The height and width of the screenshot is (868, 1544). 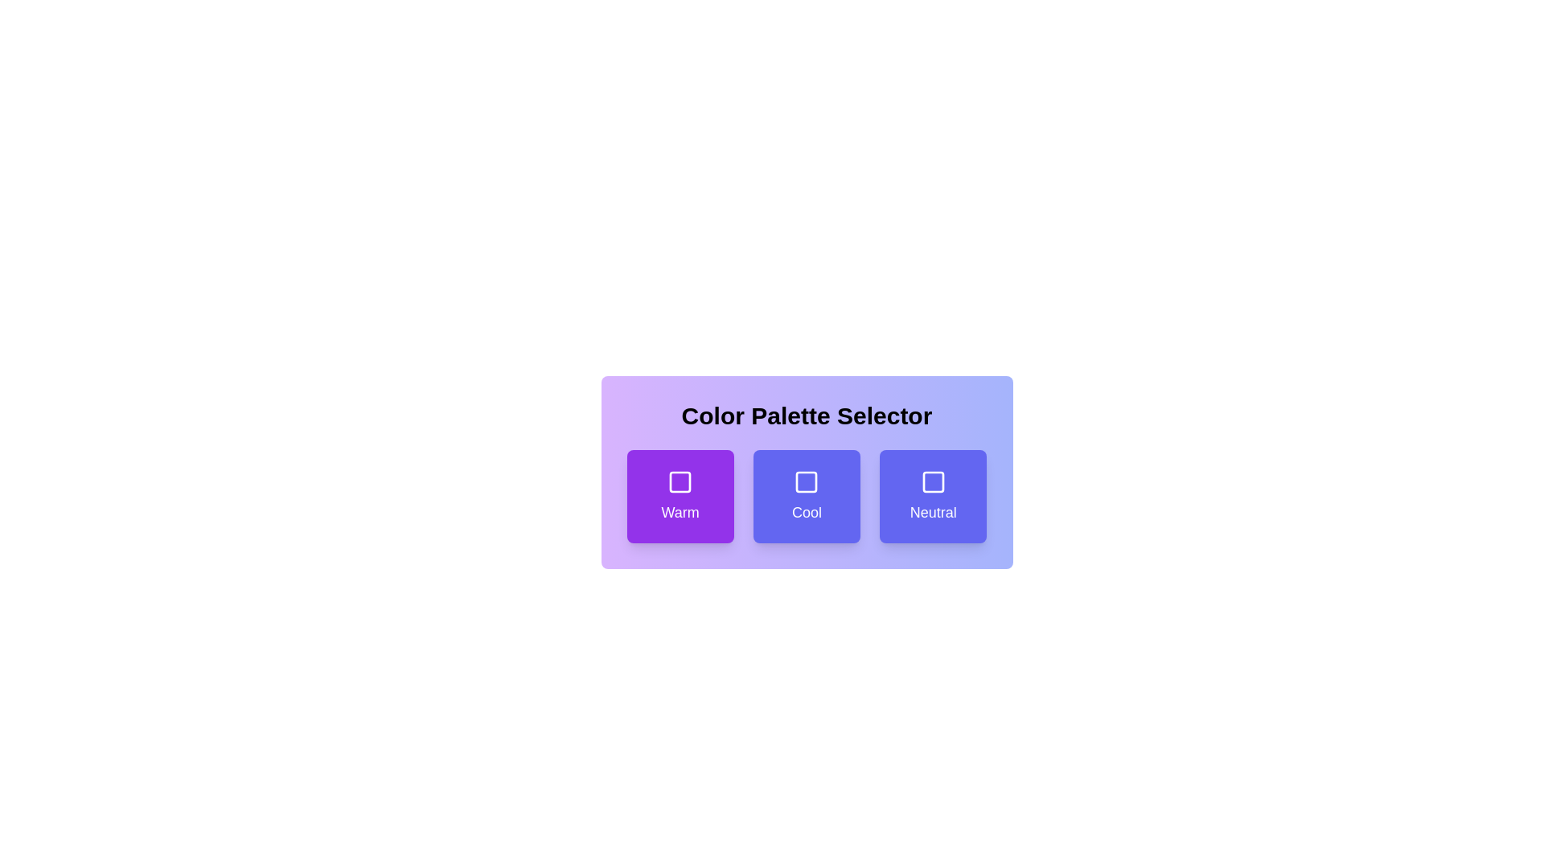 What do you see at coordinates (807, 495) in the screenshot?
I see `the Cool button to see the hover effect` at bounding box center [807, 495].